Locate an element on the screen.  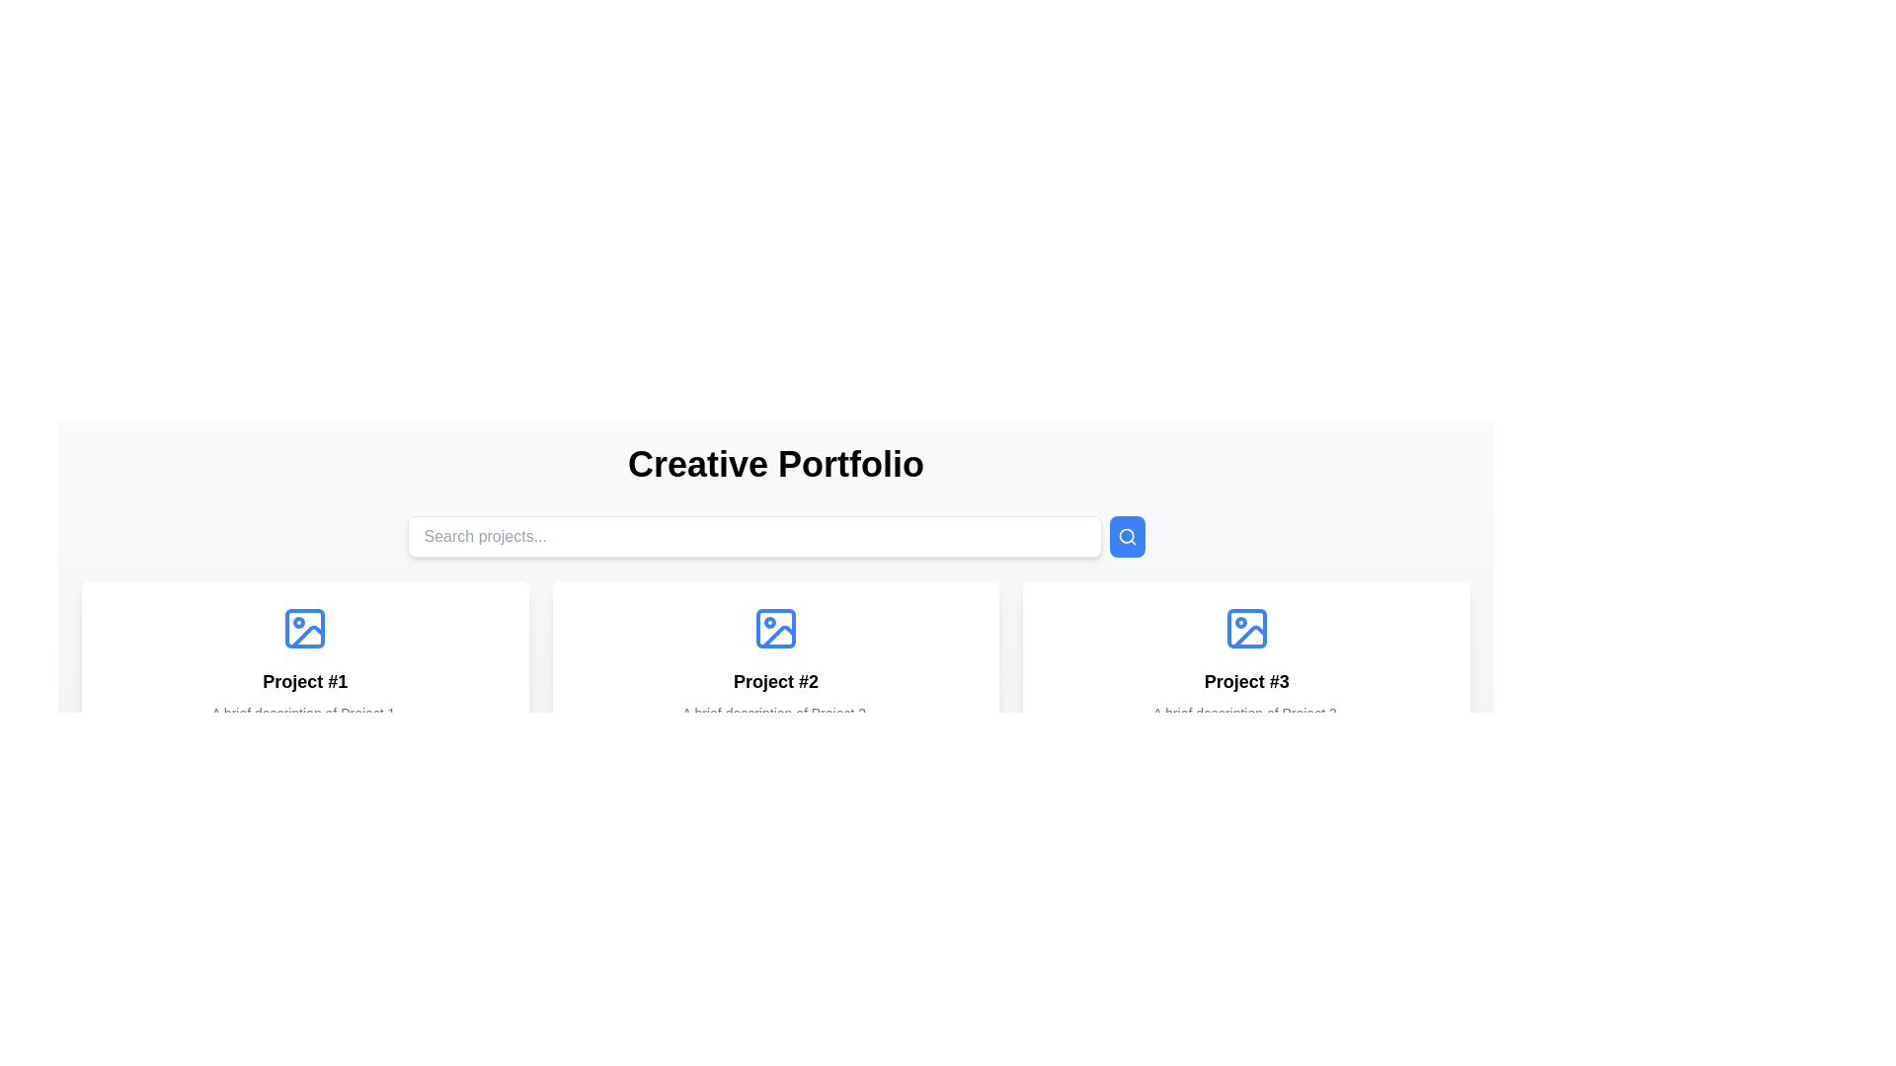
the text label 'Project #2' which is styled with a bold and larger font, located in the second position of a grid of project cards is located at coordinates (775, 680).